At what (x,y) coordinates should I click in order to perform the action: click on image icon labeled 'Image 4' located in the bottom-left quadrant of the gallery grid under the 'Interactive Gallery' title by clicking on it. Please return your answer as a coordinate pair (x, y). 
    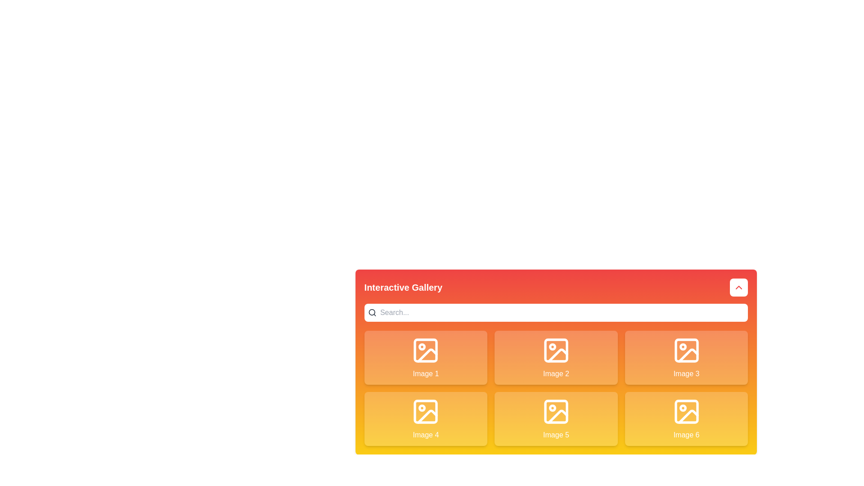
    Looking at the image, I should click on (425, 411).